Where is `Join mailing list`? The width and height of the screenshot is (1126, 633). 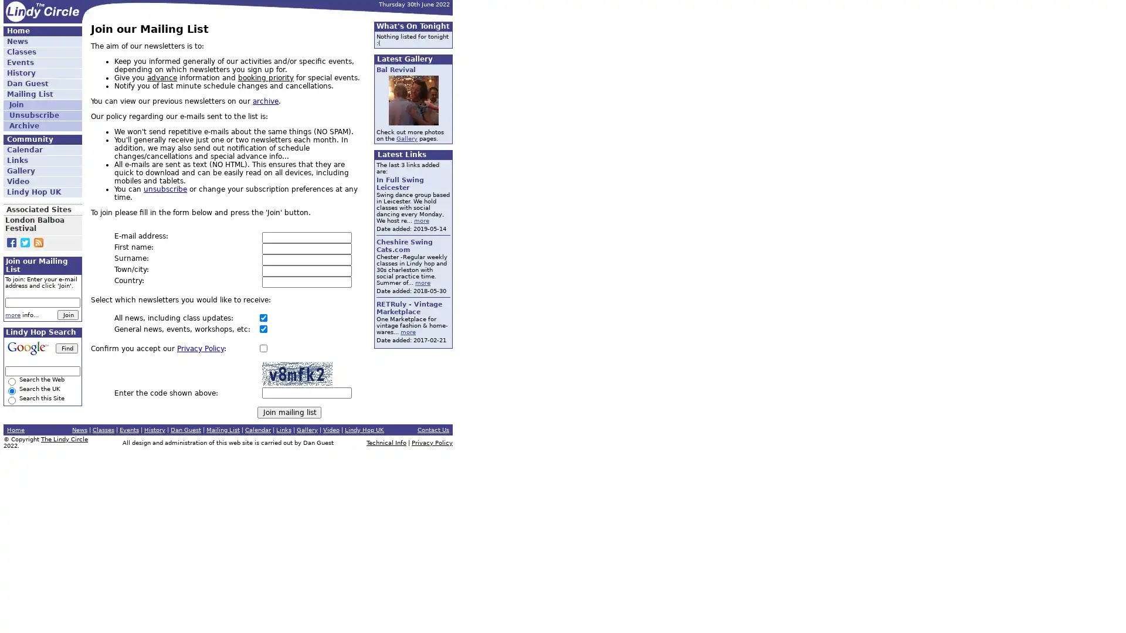 Join mailing list is located at coordinates (289, 412).